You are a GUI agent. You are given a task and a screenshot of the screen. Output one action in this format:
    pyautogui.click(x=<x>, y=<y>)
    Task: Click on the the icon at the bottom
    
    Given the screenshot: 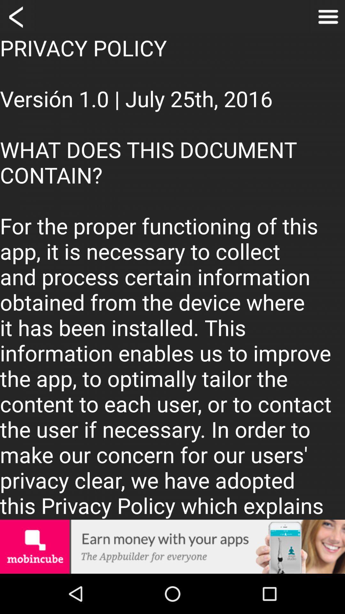 What is the action you would take?
    pyautogui.click(x=172, y=546)
    